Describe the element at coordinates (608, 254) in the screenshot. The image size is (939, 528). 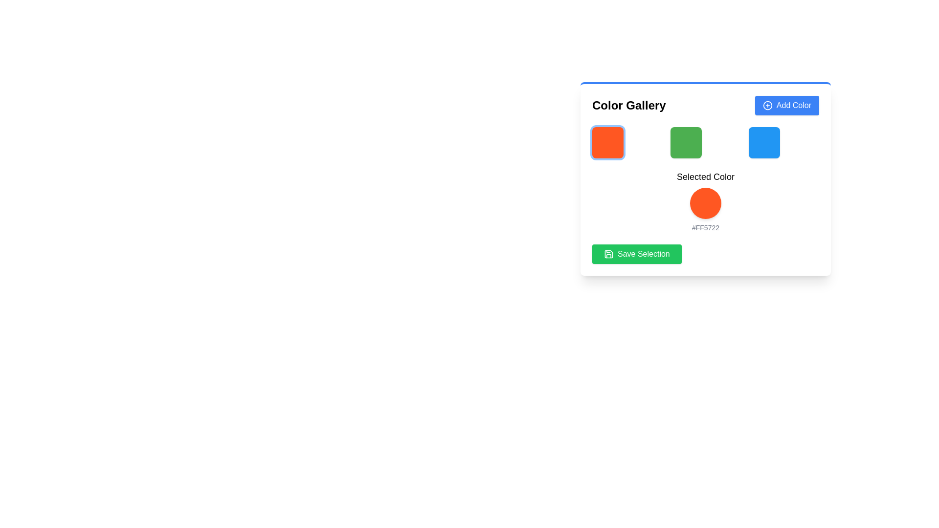
I see `the save icon located to the left of the 'Save Selection' button, which visually reinforces the save action` at that location.